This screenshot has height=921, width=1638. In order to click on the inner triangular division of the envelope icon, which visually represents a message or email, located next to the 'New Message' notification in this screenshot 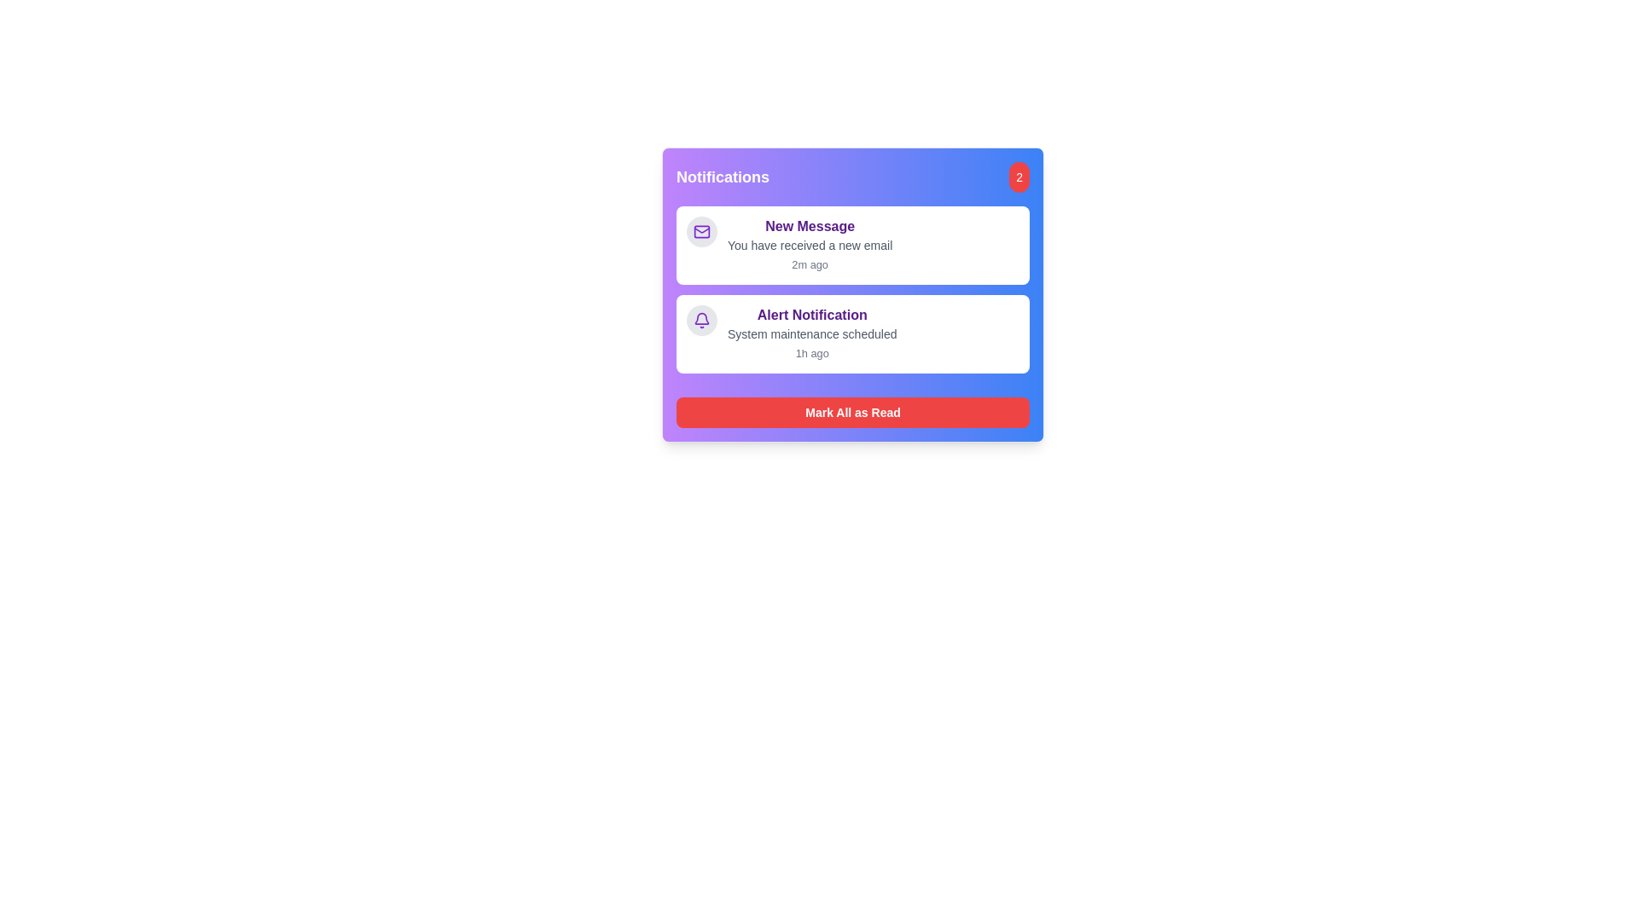, I will do `click(701, 230)`.